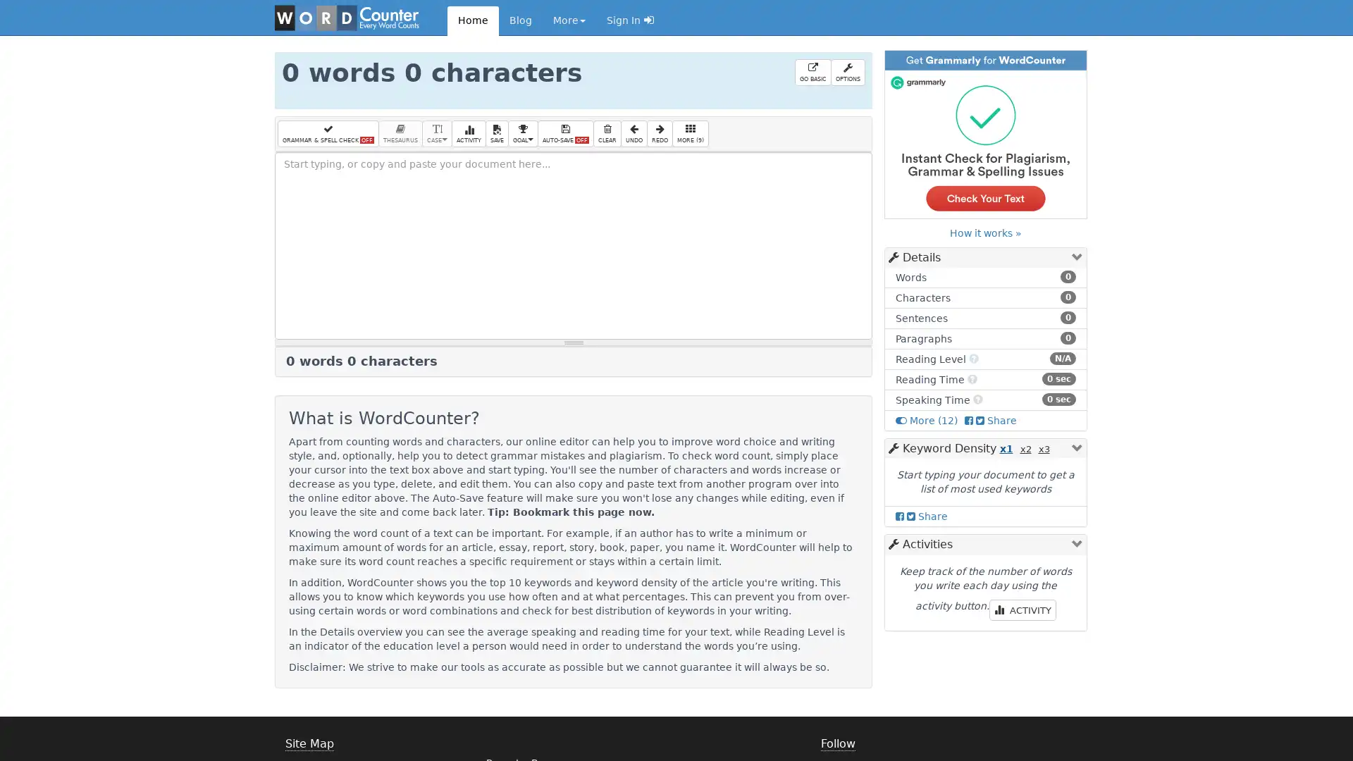 Image resolution: width=1353 pixels, height=761 pixels. I want to click on GRAMMAR & SPELL CHECKOFF, so click(327, 133).